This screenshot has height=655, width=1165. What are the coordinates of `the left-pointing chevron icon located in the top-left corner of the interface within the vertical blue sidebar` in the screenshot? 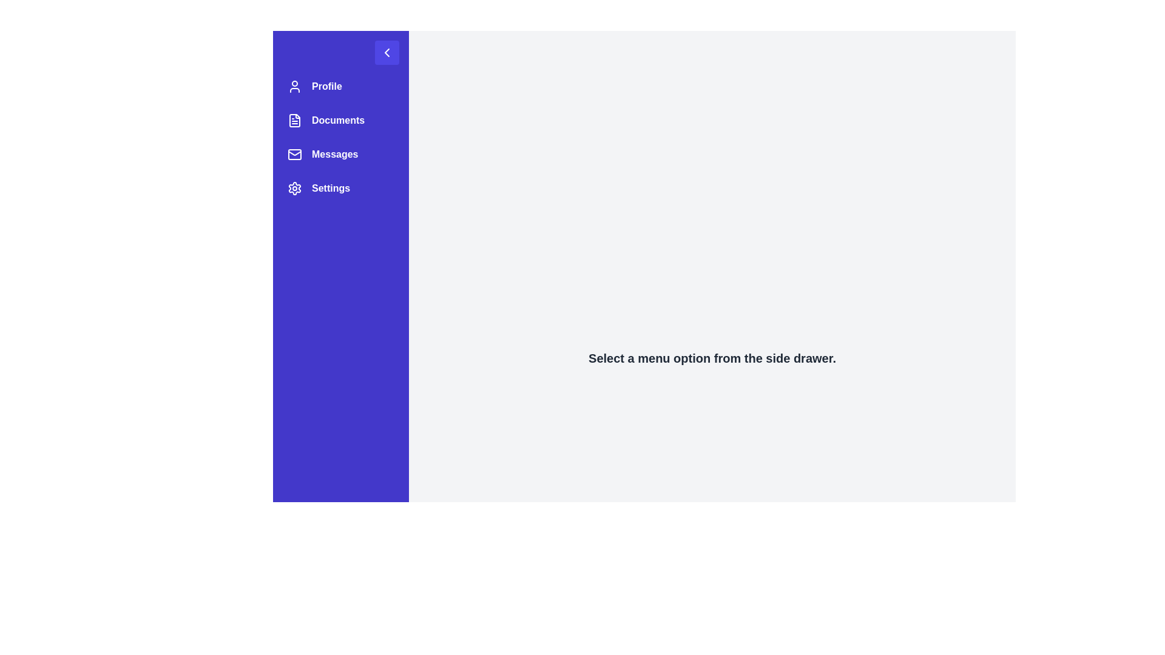 It's located at (387, 52).